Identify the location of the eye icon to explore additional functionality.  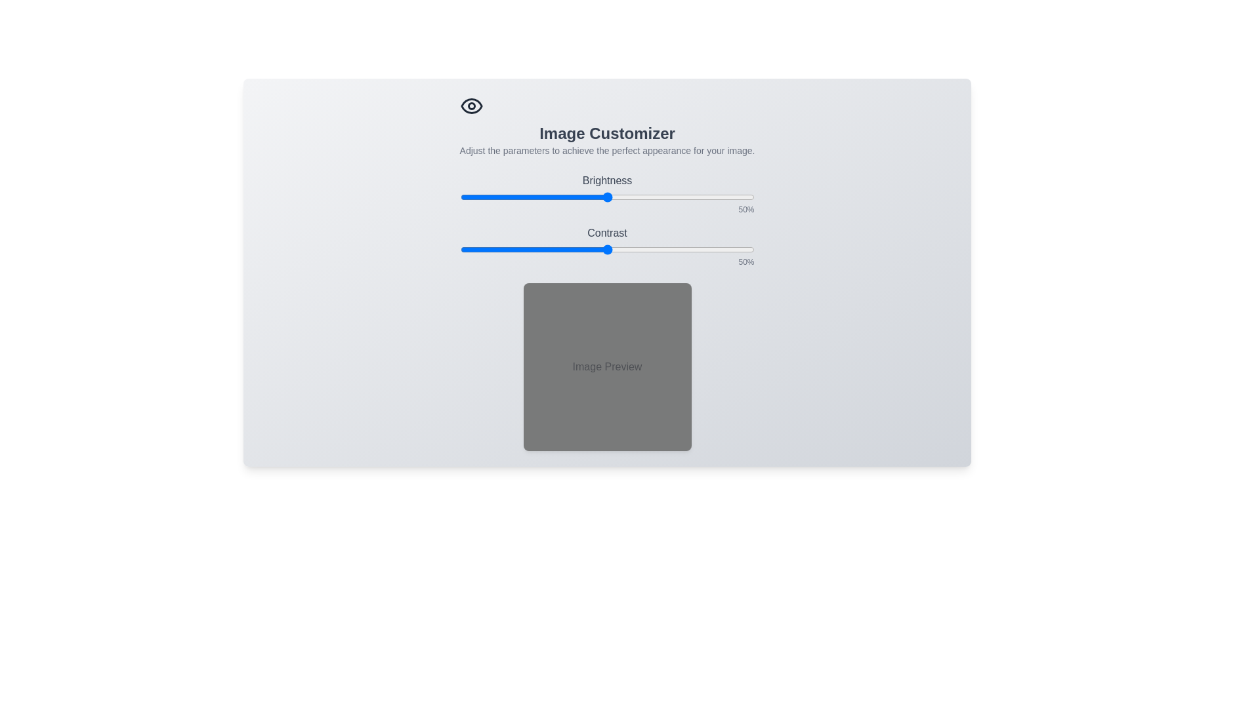
(471, 106).